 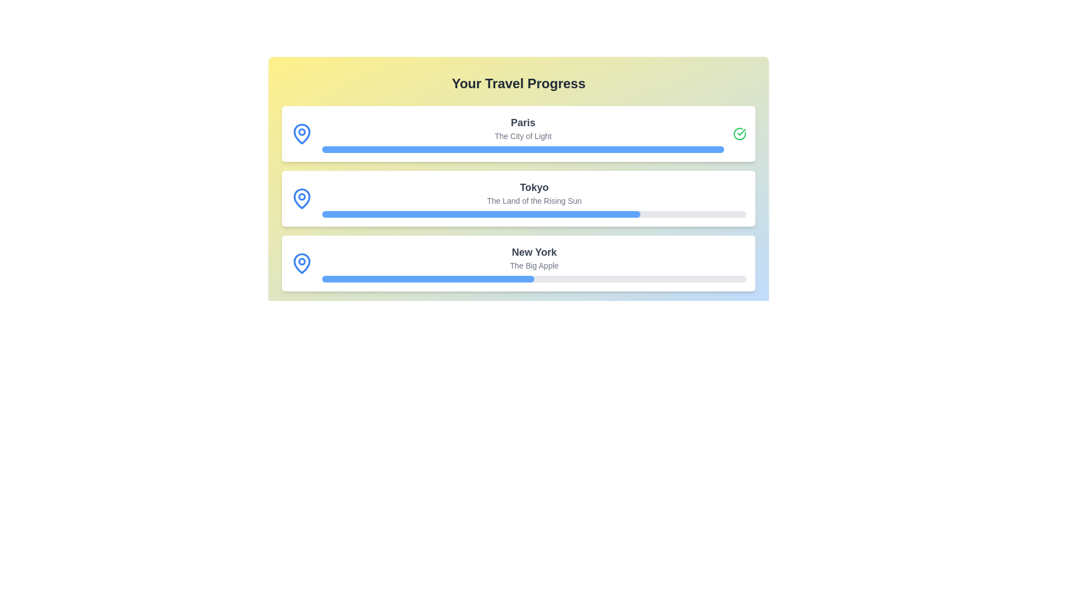 What do you see at coordinates (302, 263) in the screenshot?
I see `the map pin icon representing the location of 'New York' and 'The Big Apple', which is located to the left of the label in the third row of the list` at bounding box center [302, 263].